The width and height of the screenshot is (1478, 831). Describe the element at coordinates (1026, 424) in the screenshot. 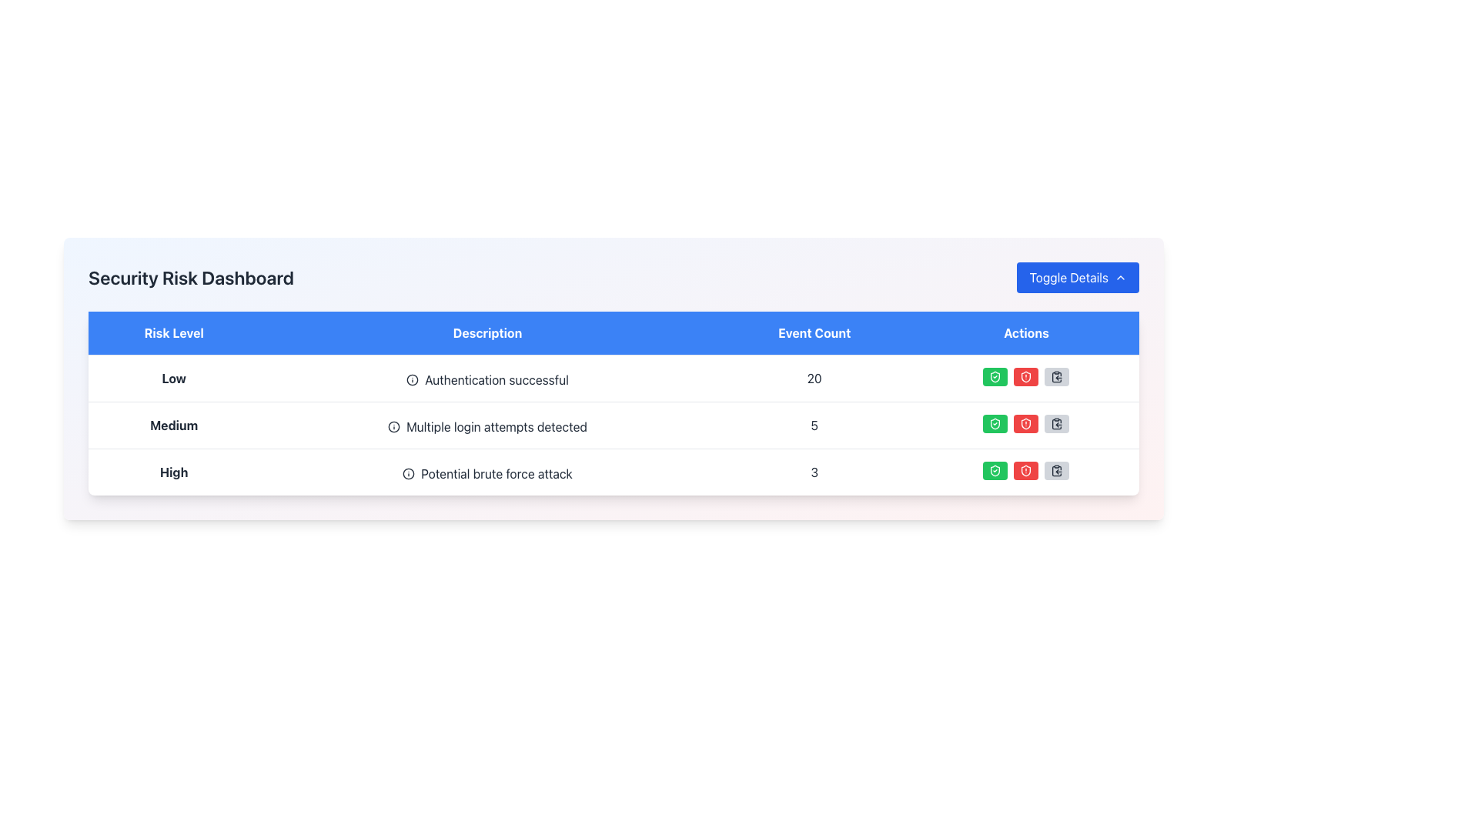

I see `any button in the Group of buttons associated with the 'Medium' risk event located in the 'Actions' column of the table row labeled 'Medium' with the description 'Multiple login attempts detected.'` at that location.